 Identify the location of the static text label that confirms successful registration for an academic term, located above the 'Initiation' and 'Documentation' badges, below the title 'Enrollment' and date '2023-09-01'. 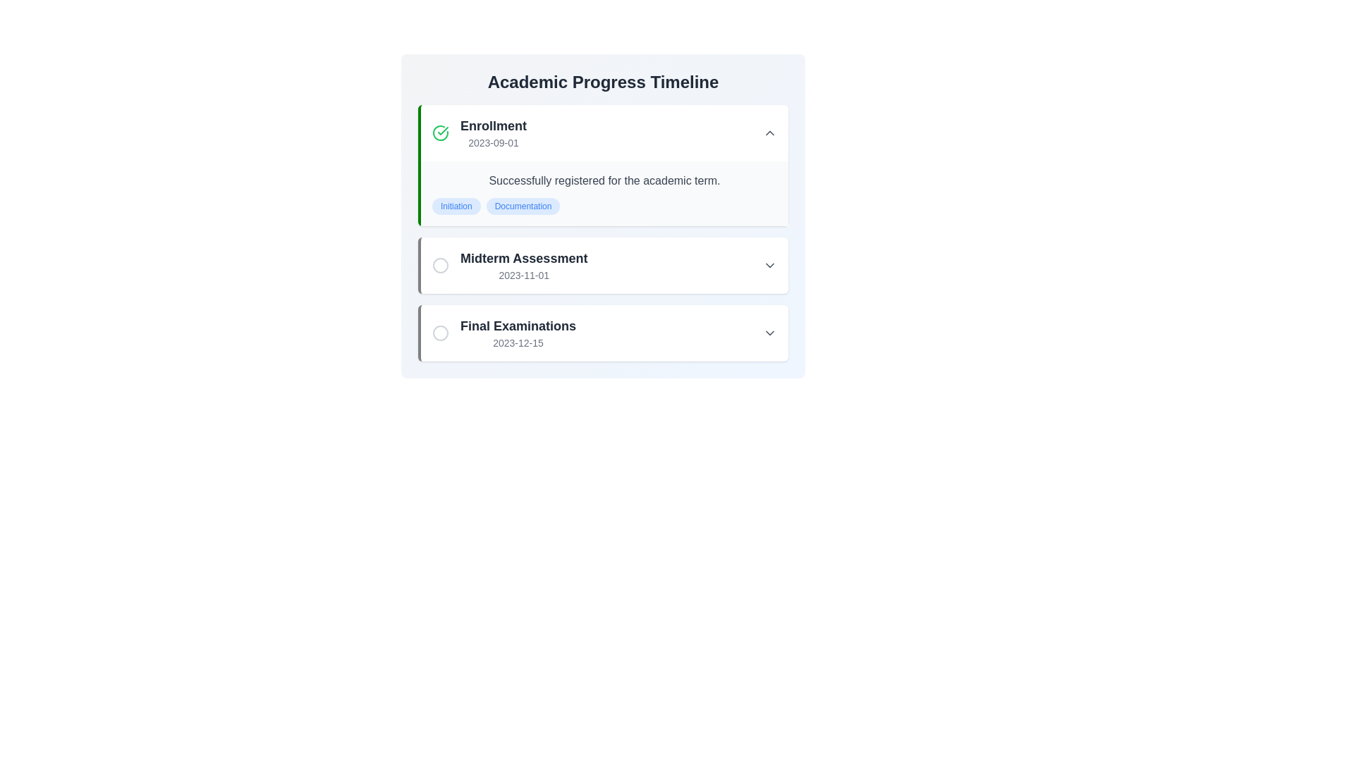
(604, 180).